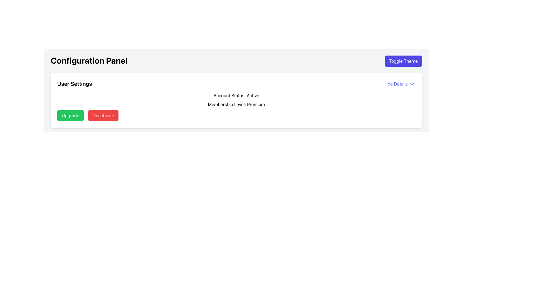  What do you see at coordinates (236, 104) in the screenshot?
I see `the 'Membership Level: Premium' label in the user settings section, which is displayed prominently in bold font and is the second listed under the 'Account Status: Active' section` at bounding box center [236, 104].